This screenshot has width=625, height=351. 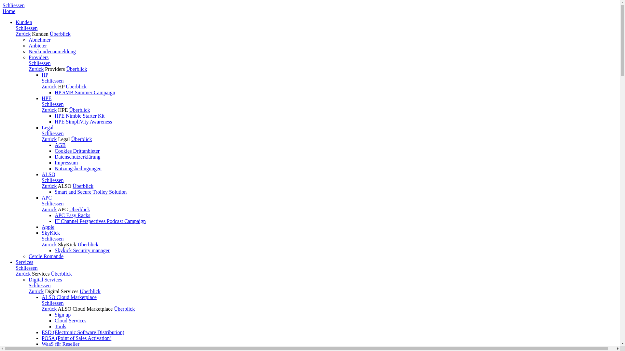 I want to click on 'ALSO', so click(x=64, y=186).